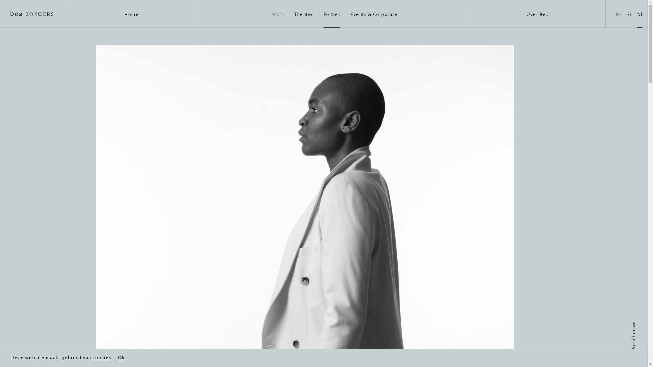 This screenshot has width=653, height=367. Describe the element at coordinates (629, 14) in the screenshot. I see `'Fr'` at that location.